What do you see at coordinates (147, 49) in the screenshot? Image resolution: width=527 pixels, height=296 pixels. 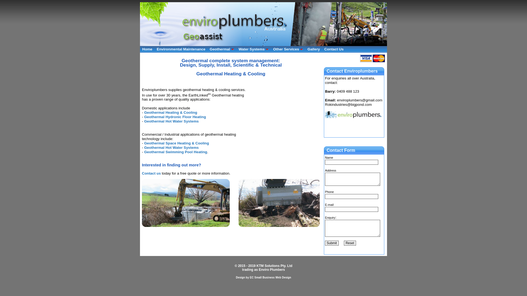 I see `'Home'` at bounding box center [147, 49].